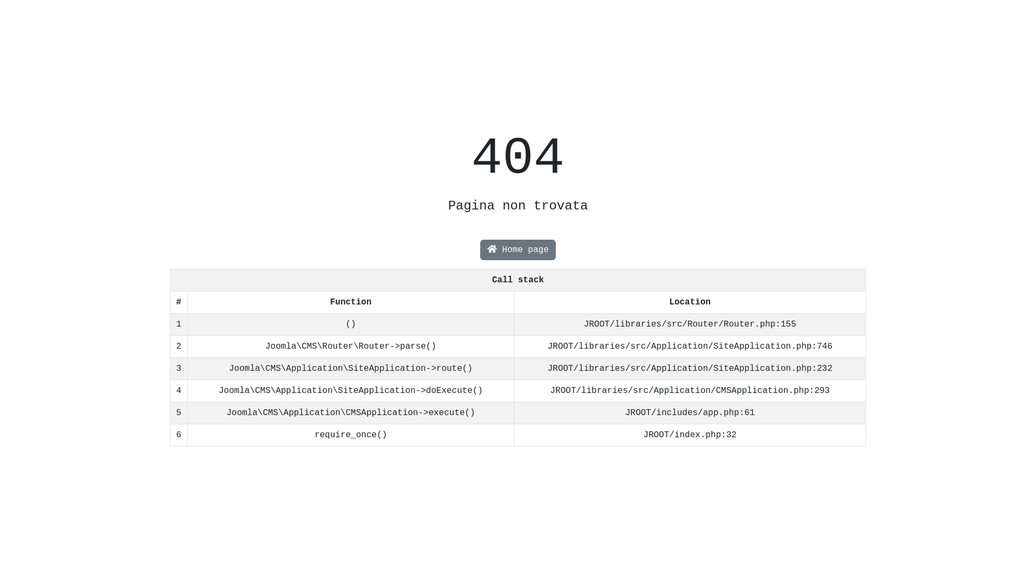 This screenshot has height=583, width=1036. Describe the element at coordinates (518, 249) in the screenshot. I see `'Home page'` at that location.